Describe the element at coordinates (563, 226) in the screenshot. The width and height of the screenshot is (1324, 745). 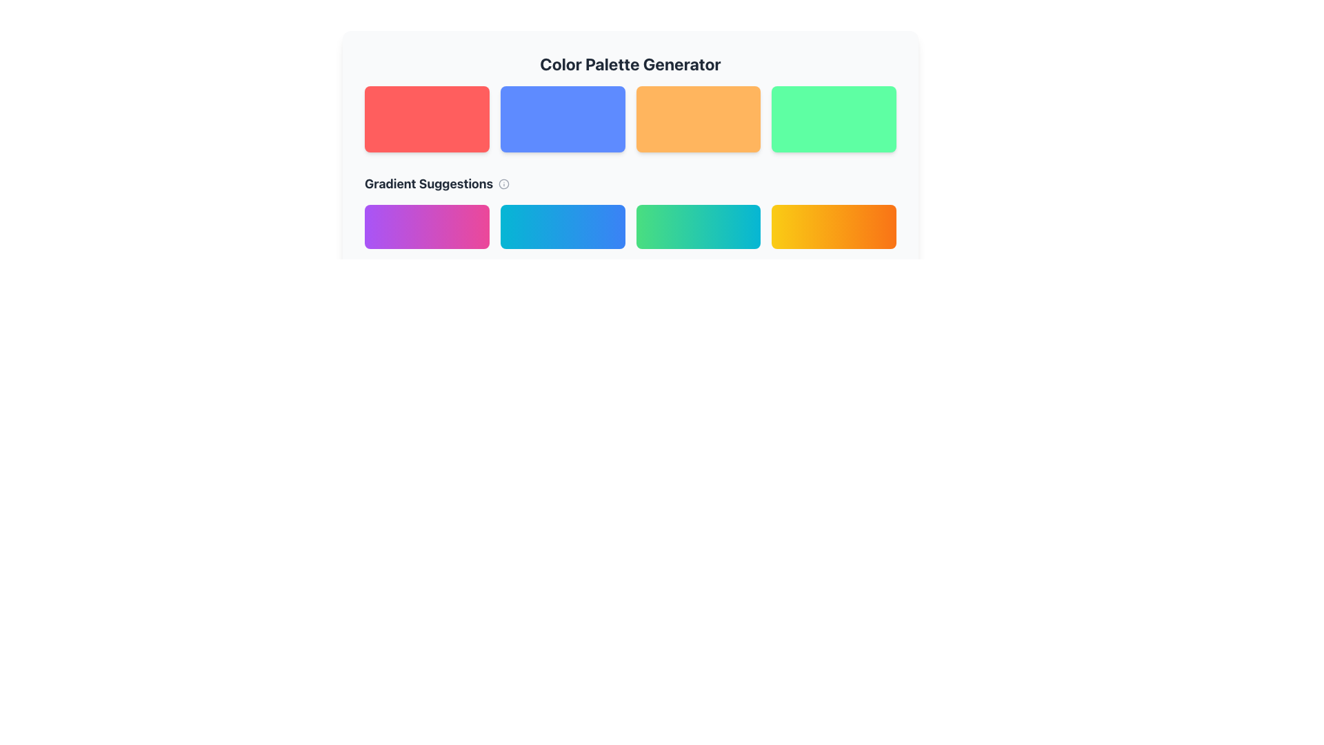
I see `the button with a '+' icon` at that location.